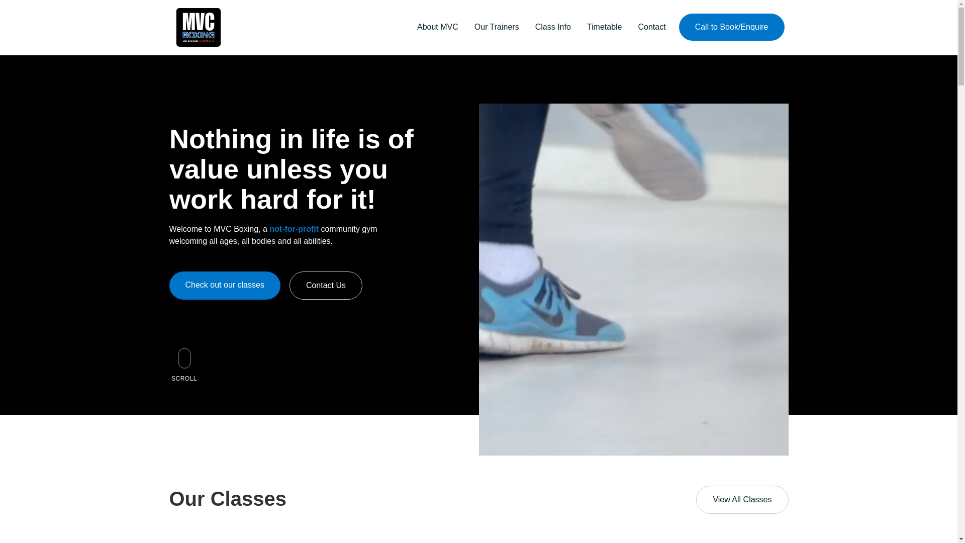  What do you see at coordinates (224, 285) in the screenshot?
I see `'Check out our classes'` at bounding box center [224, 285].